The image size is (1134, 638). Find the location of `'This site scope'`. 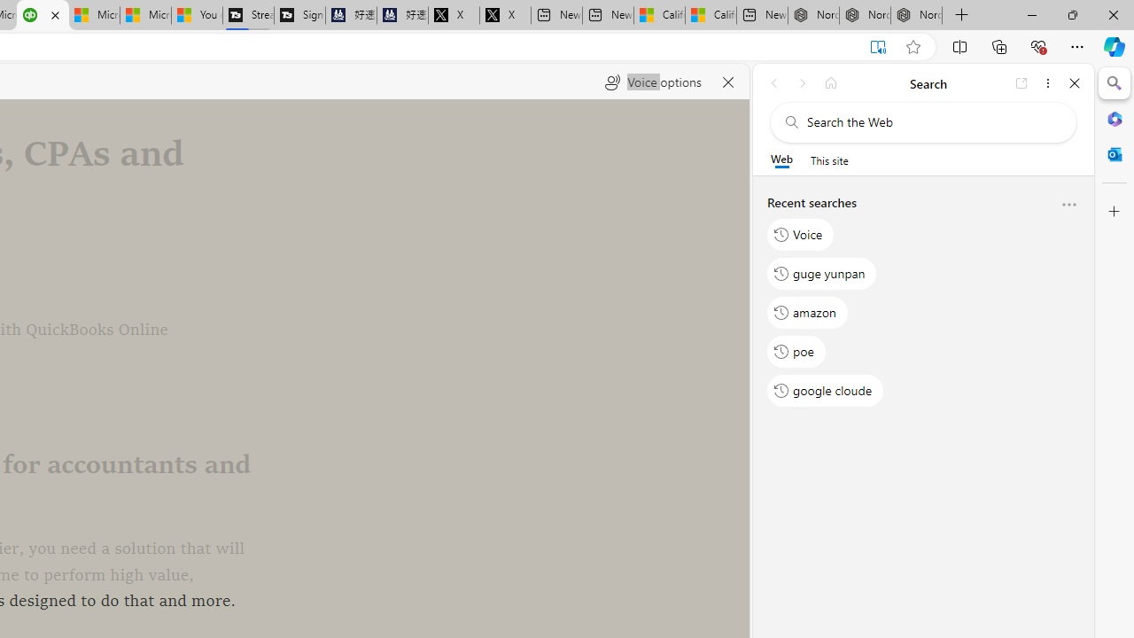

'This site scope' is located at coordinates (828, 159).